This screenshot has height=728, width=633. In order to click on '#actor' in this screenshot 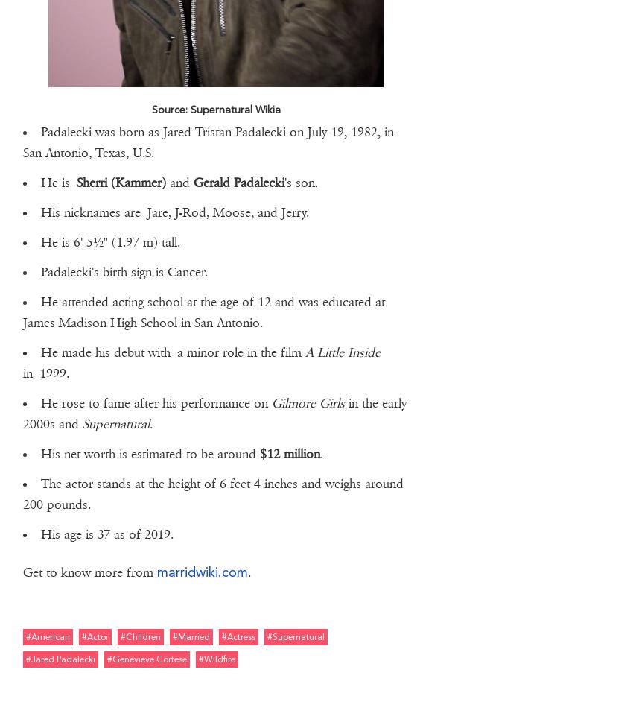, I will do `click(93, 635)`.